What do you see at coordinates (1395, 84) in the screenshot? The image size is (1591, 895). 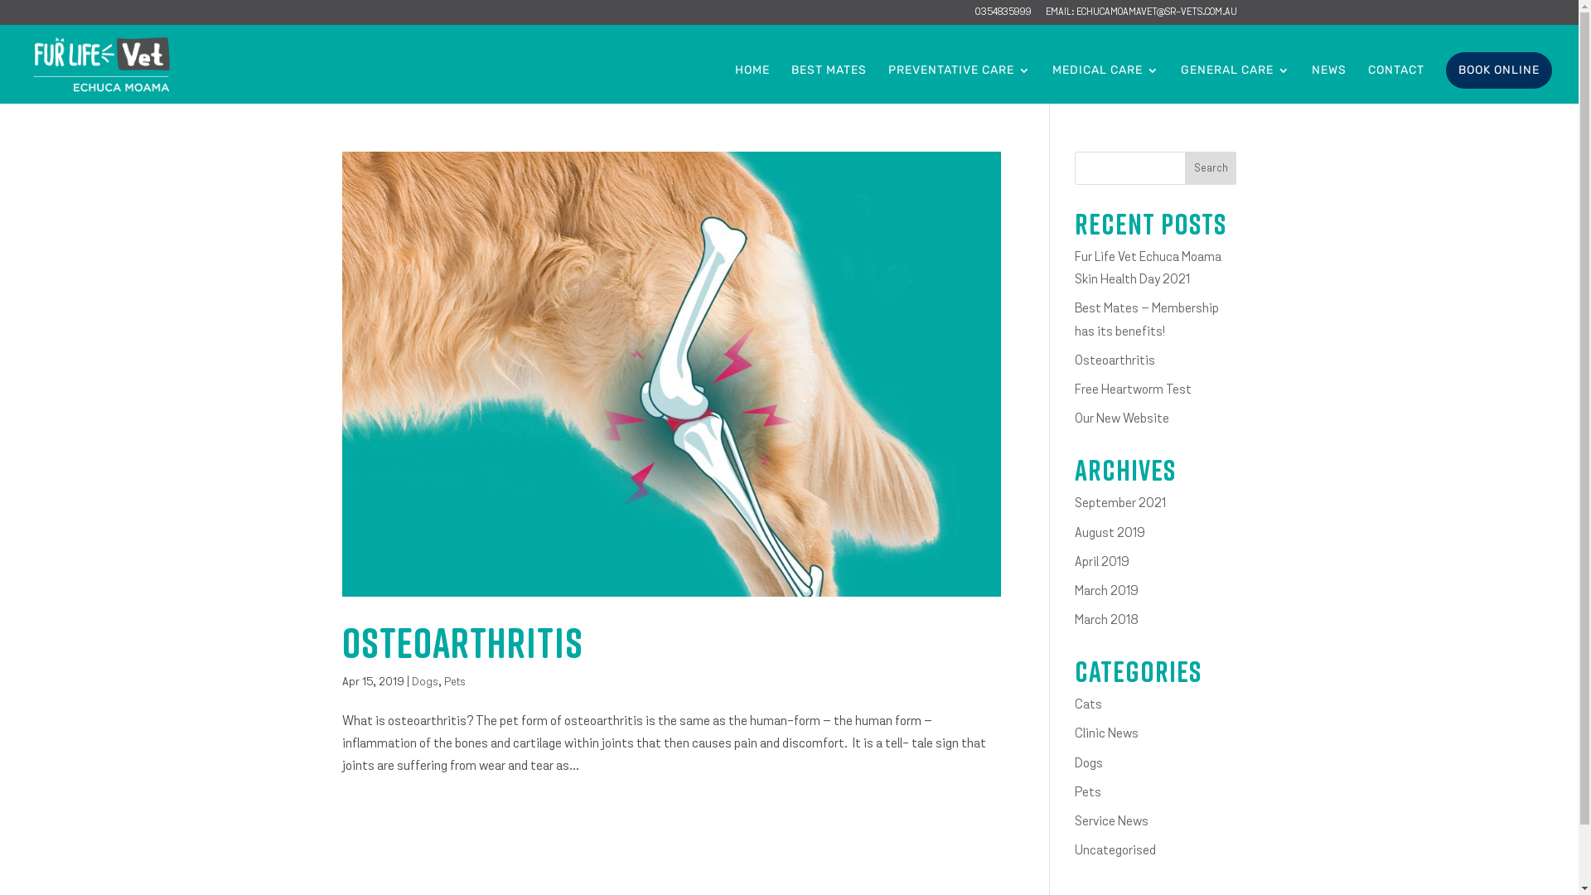 I see `'CONTACT'` at bounding box center [1395, 84].